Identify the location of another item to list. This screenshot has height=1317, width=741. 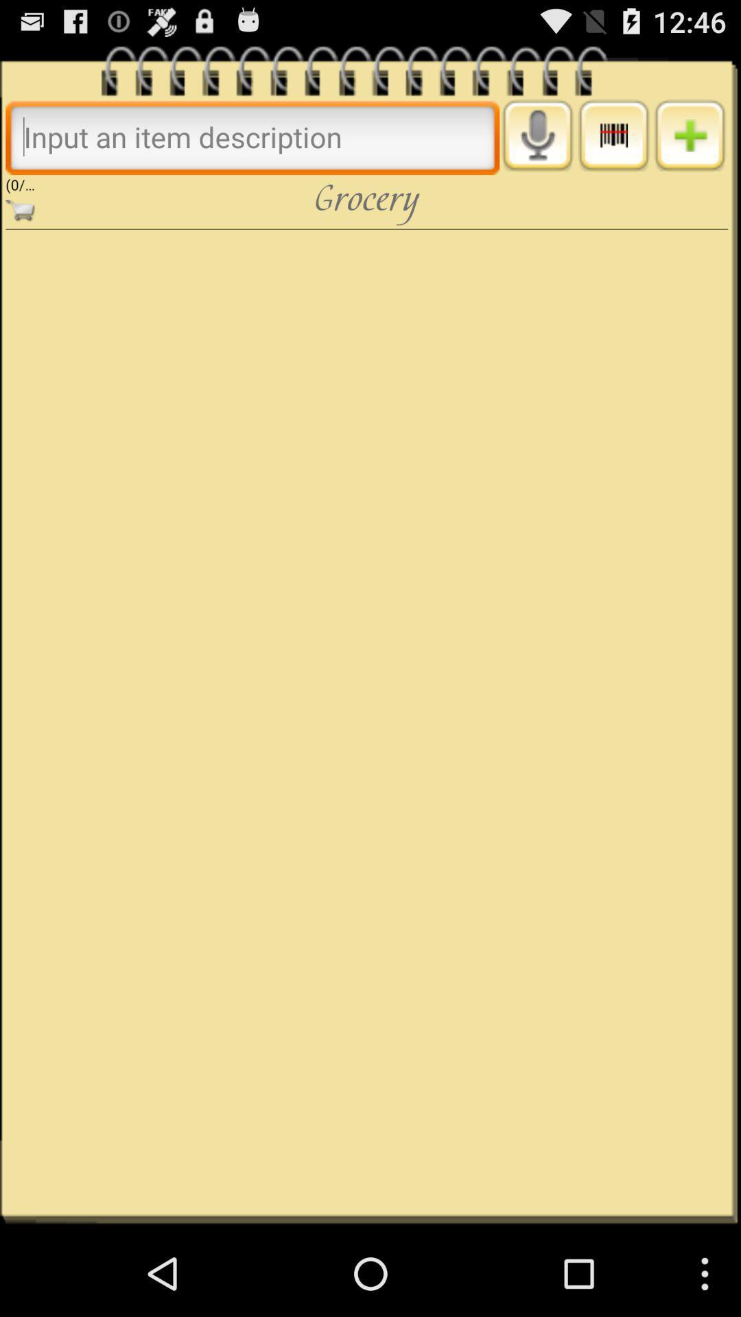
(690, 135).